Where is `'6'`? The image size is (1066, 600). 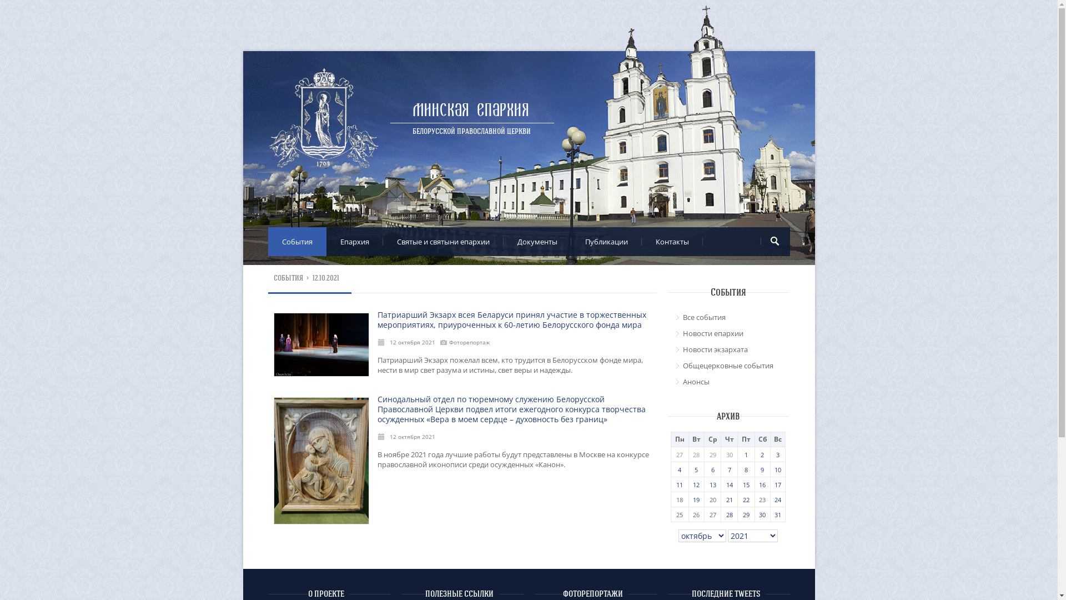
'6' is located at coordinates (712, 469).